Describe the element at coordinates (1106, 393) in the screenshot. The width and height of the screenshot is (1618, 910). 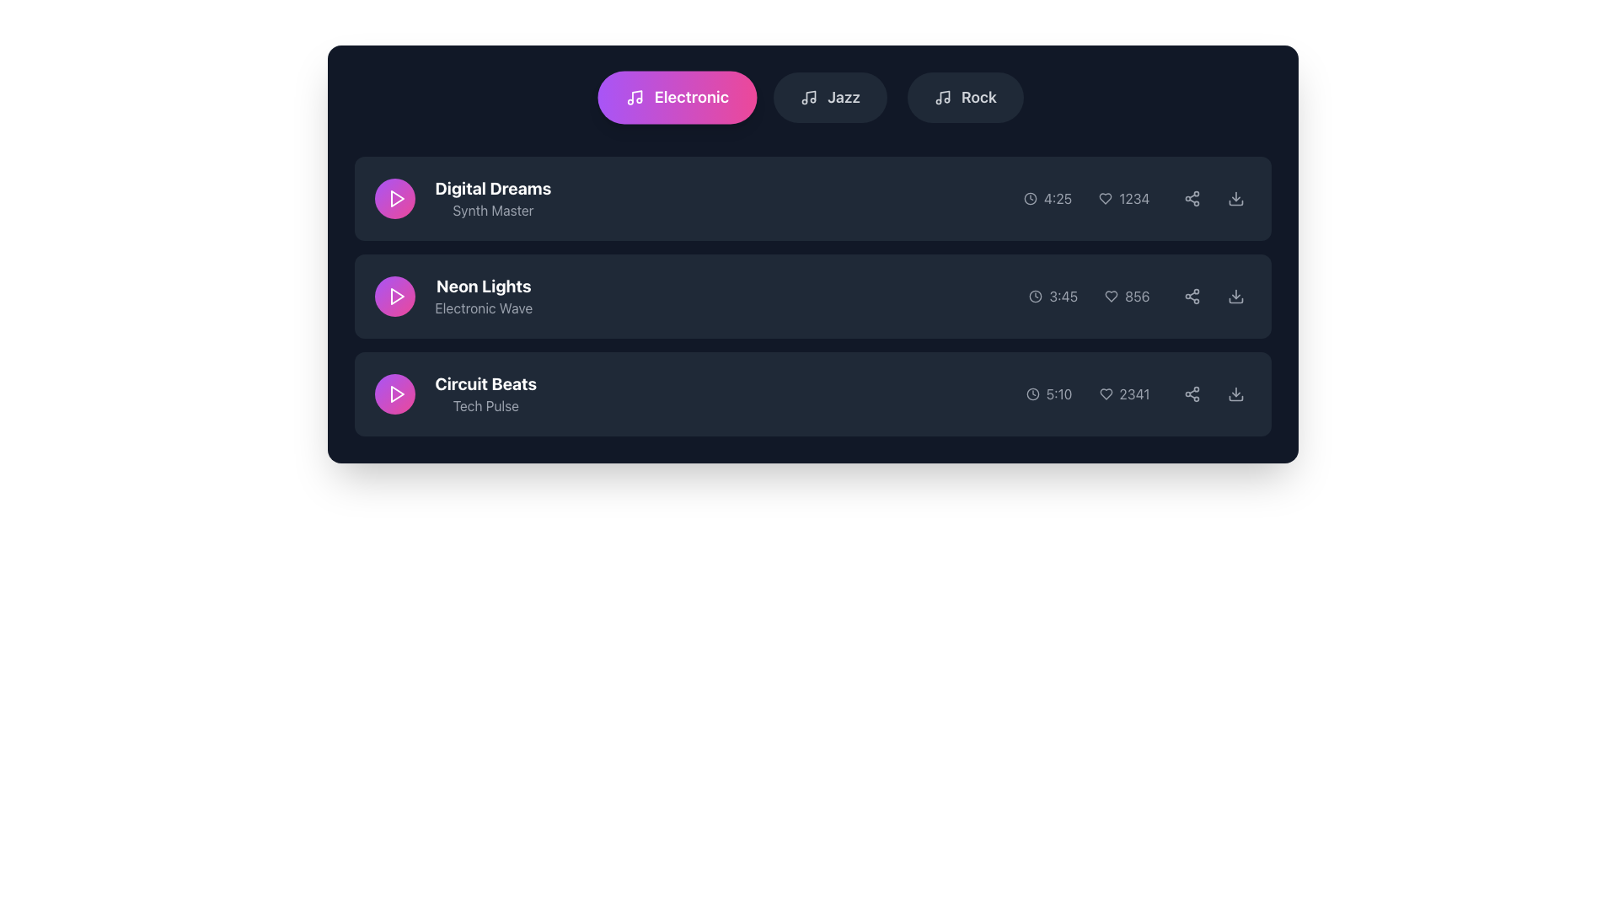
I see `the heart-shaped icon in the third row of the list` at that location.